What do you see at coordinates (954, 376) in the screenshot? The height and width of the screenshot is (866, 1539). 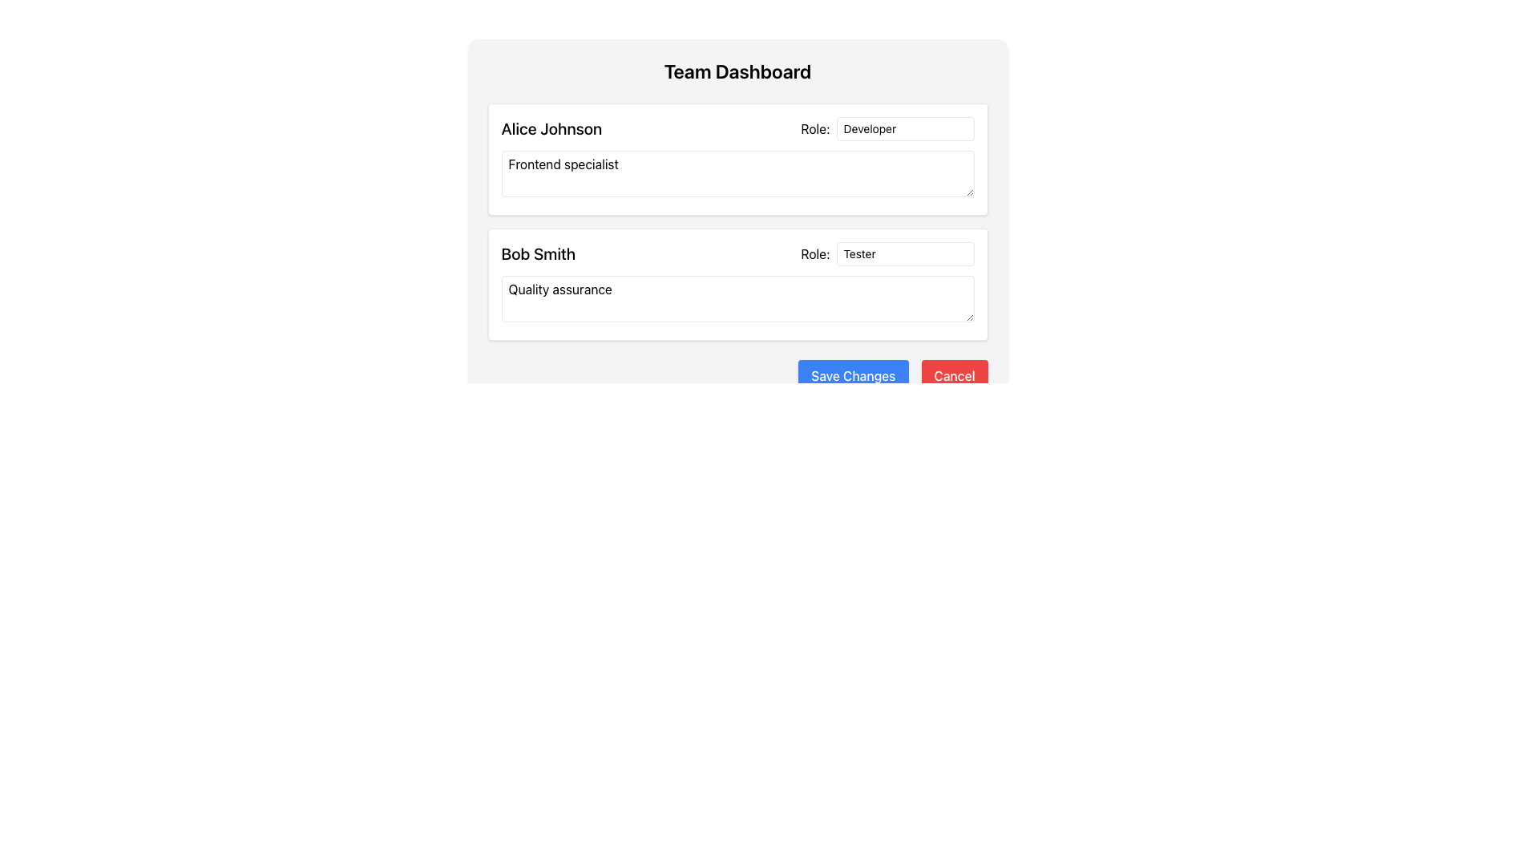 I see `the red 'Cancel' button with rounded corners located at the bottom-right corner of the footer section` at bounding box center [954, 376].